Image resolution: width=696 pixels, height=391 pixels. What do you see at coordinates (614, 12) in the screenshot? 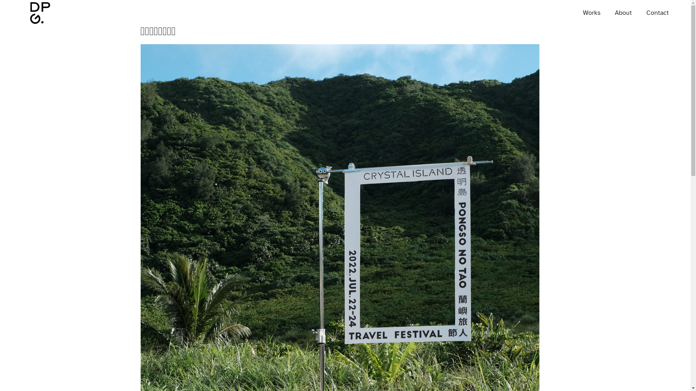
I see `'About'` at bounding box center [614, 12].